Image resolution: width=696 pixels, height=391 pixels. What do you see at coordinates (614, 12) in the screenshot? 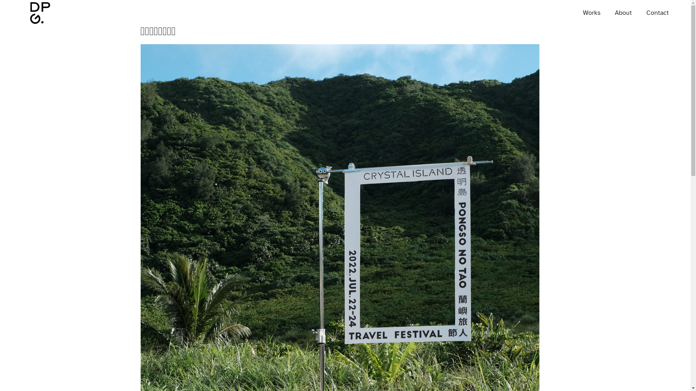
I see `'About'` at bounding box center [614, 12].